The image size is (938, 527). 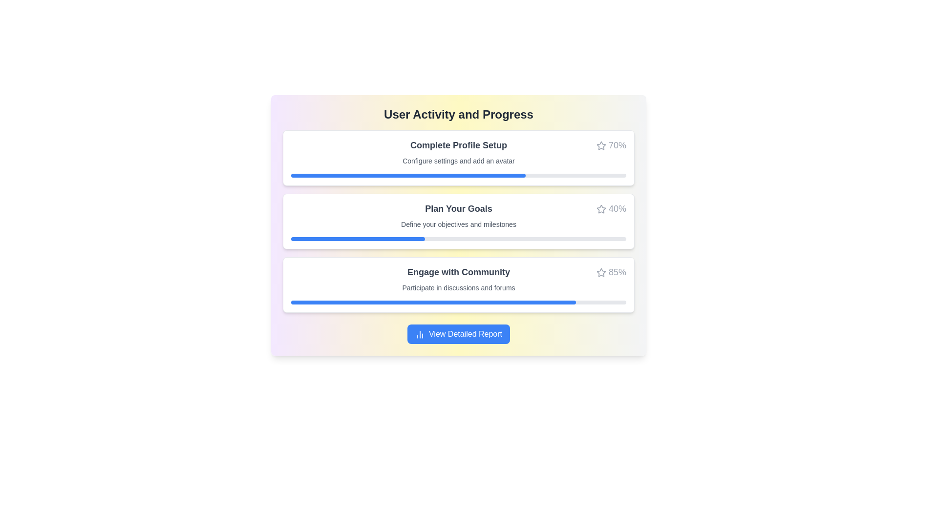 I want to click on additional descriptive information provided by the Text Label located below the heading text in the 'Plan Your Goals' card, which outlines its purpose or intended actions, so click(x=458, y=224).